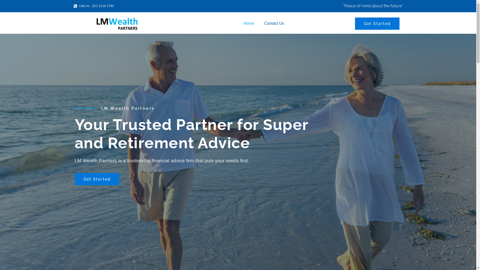 This screenshot has width=480, height=270. I want to click on 'Home', so click(249, 23).